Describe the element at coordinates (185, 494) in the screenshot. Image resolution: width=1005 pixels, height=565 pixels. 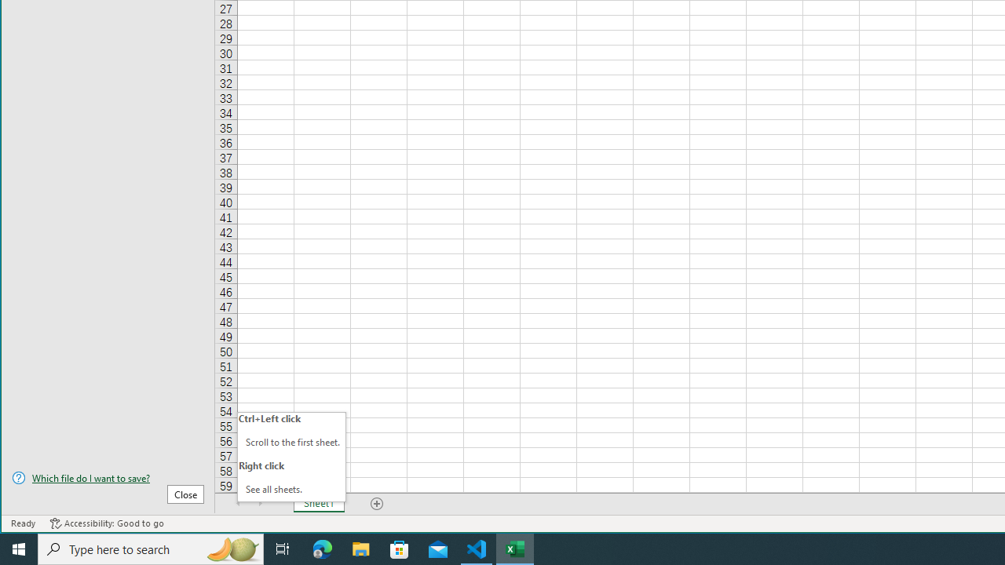
I see `'Close'` at that location.